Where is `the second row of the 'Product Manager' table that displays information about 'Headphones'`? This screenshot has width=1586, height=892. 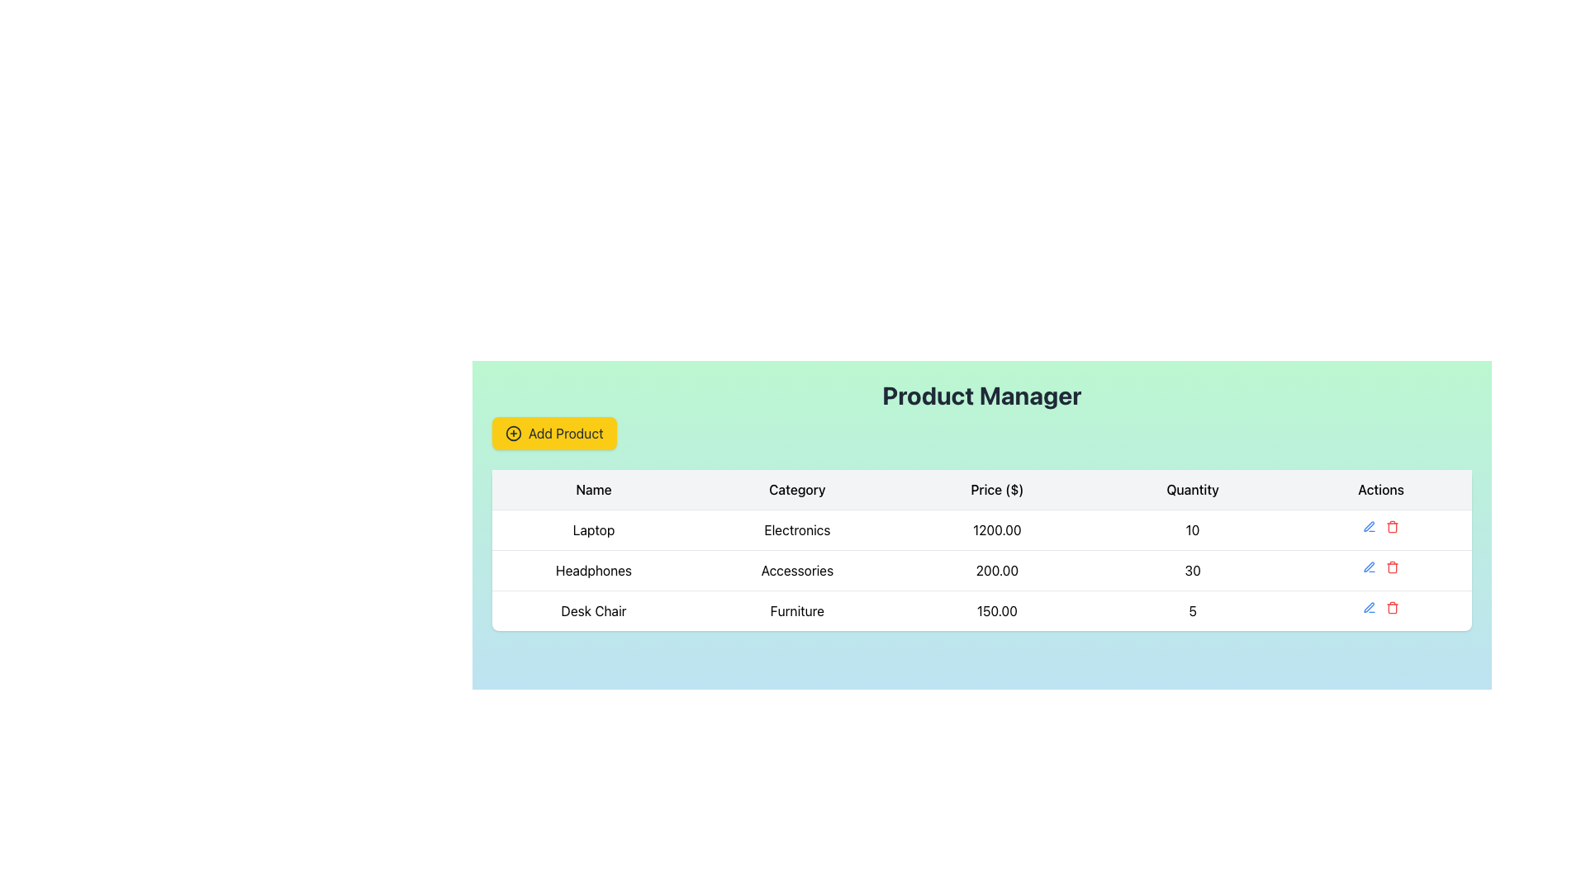
the second row of the 'Product Manager' table that displays information about 'Headphones' is located at coordinates (982, 569).